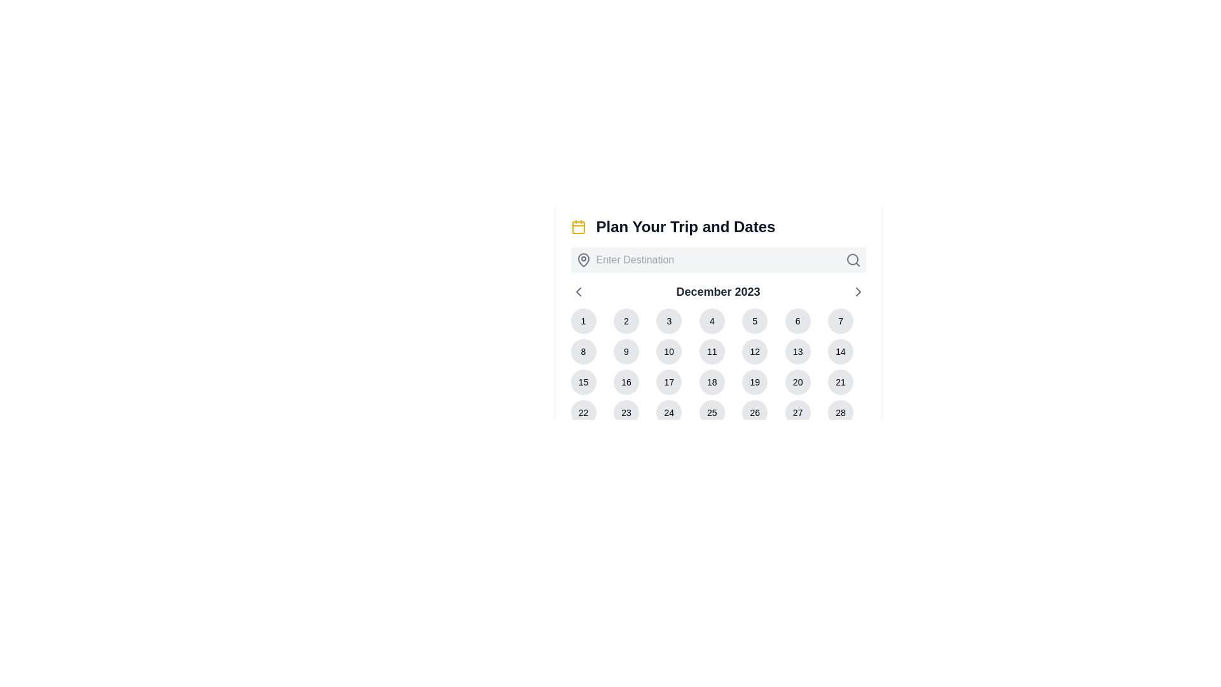 This screenshot has height=687, width=1221. Describe the element at coordinates (711, 321) in the screenshot. I see `the circular button with a light gray background and the numeral '4'` at that location.